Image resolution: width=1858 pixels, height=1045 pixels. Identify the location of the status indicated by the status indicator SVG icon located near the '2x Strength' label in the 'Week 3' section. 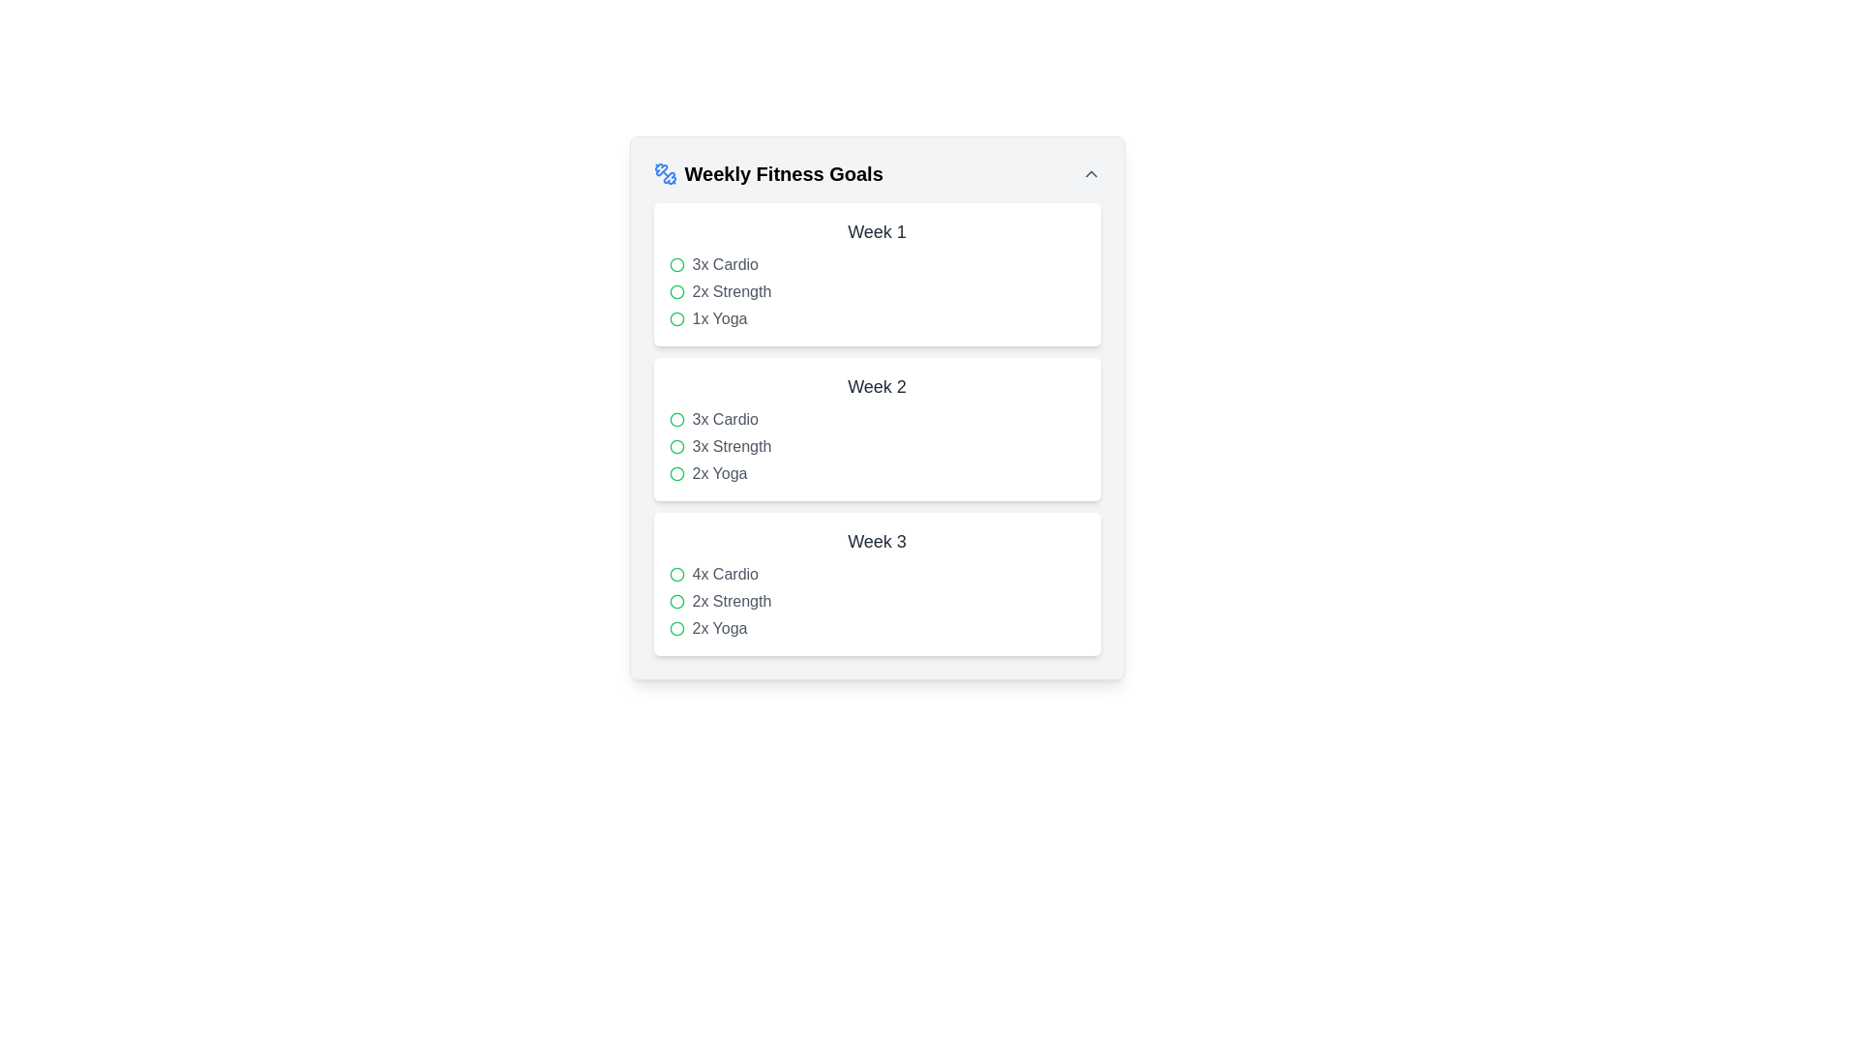
(676, 600).